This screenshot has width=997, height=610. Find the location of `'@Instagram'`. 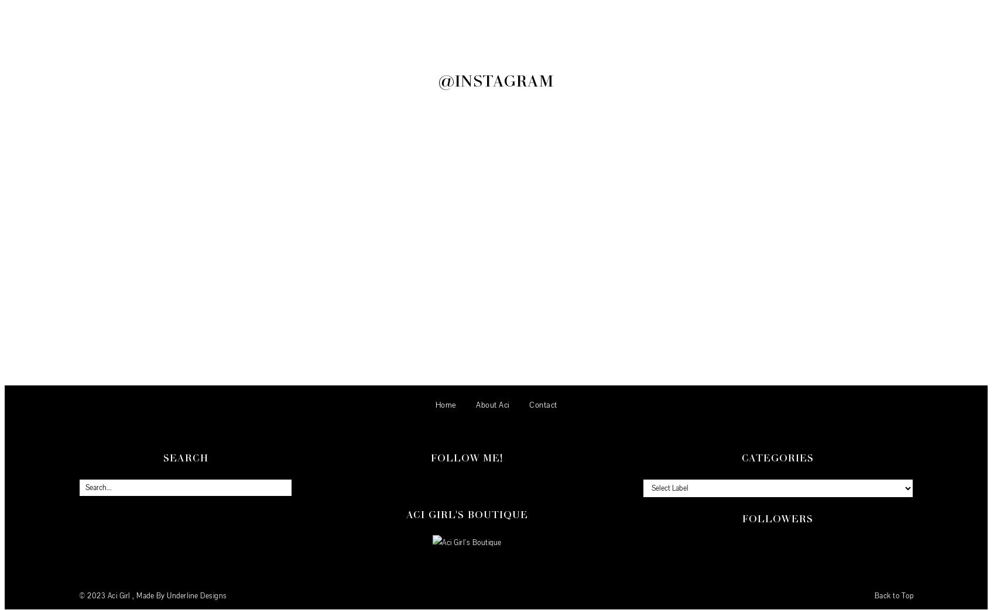

'@Instagram' is located at coordinates (496, 80).